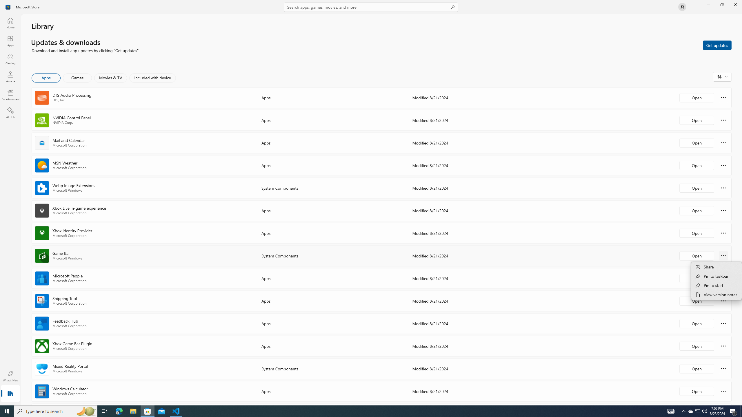 The width and height of the screenshot is (742, 417). I want to click on 'Games', so click(77, 78).